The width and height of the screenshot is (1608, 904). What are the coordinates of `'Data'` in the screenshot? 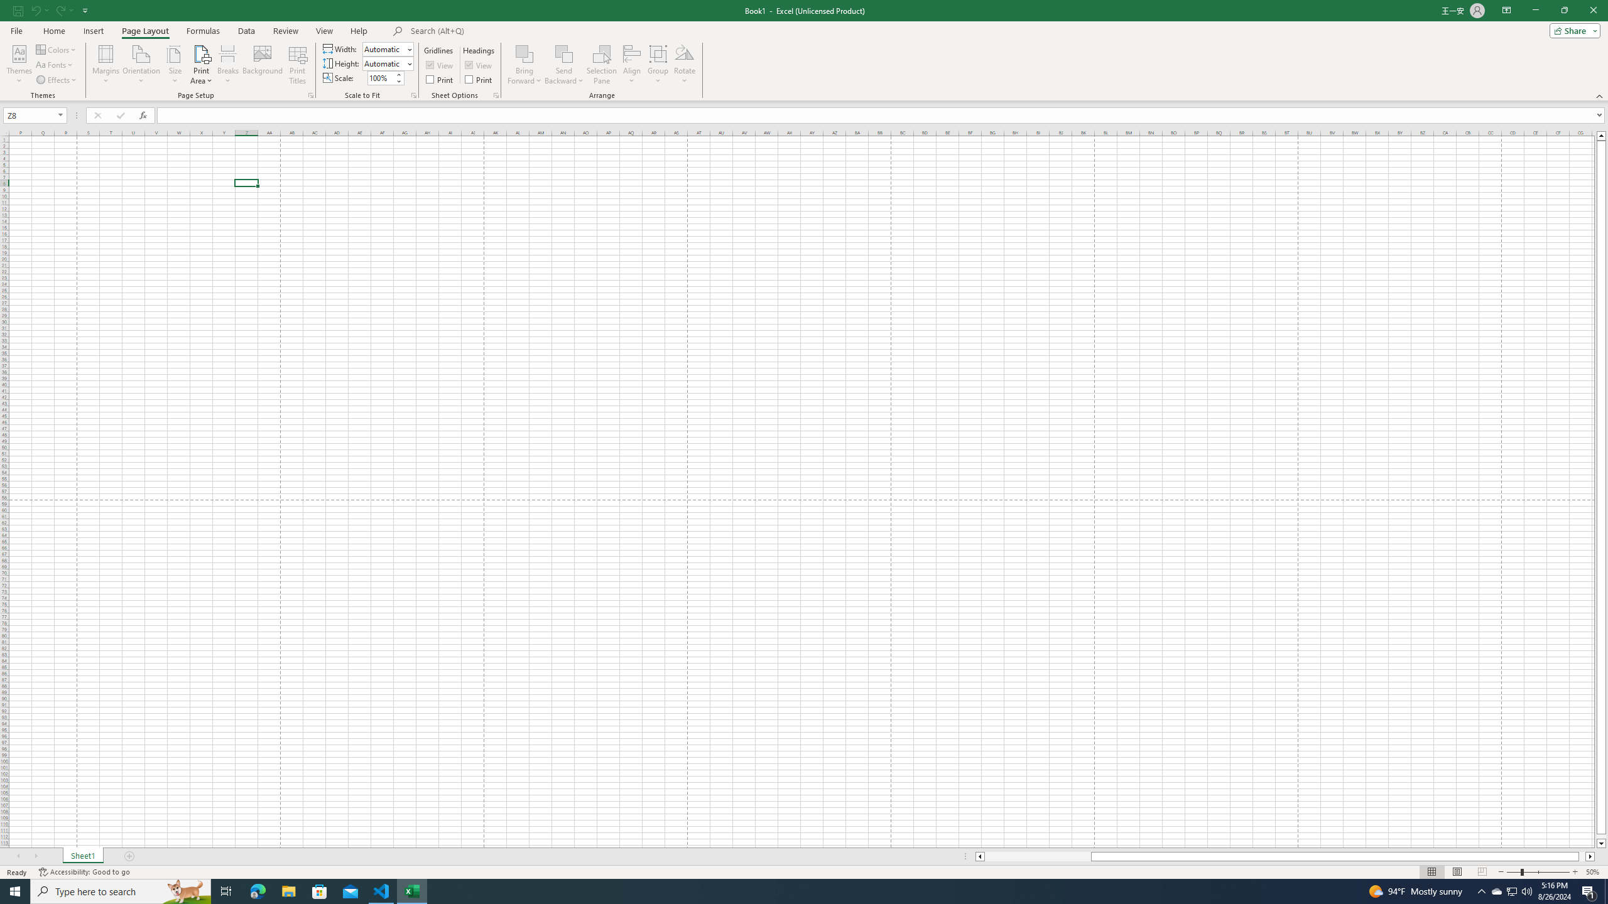 It's located at (246, 31).